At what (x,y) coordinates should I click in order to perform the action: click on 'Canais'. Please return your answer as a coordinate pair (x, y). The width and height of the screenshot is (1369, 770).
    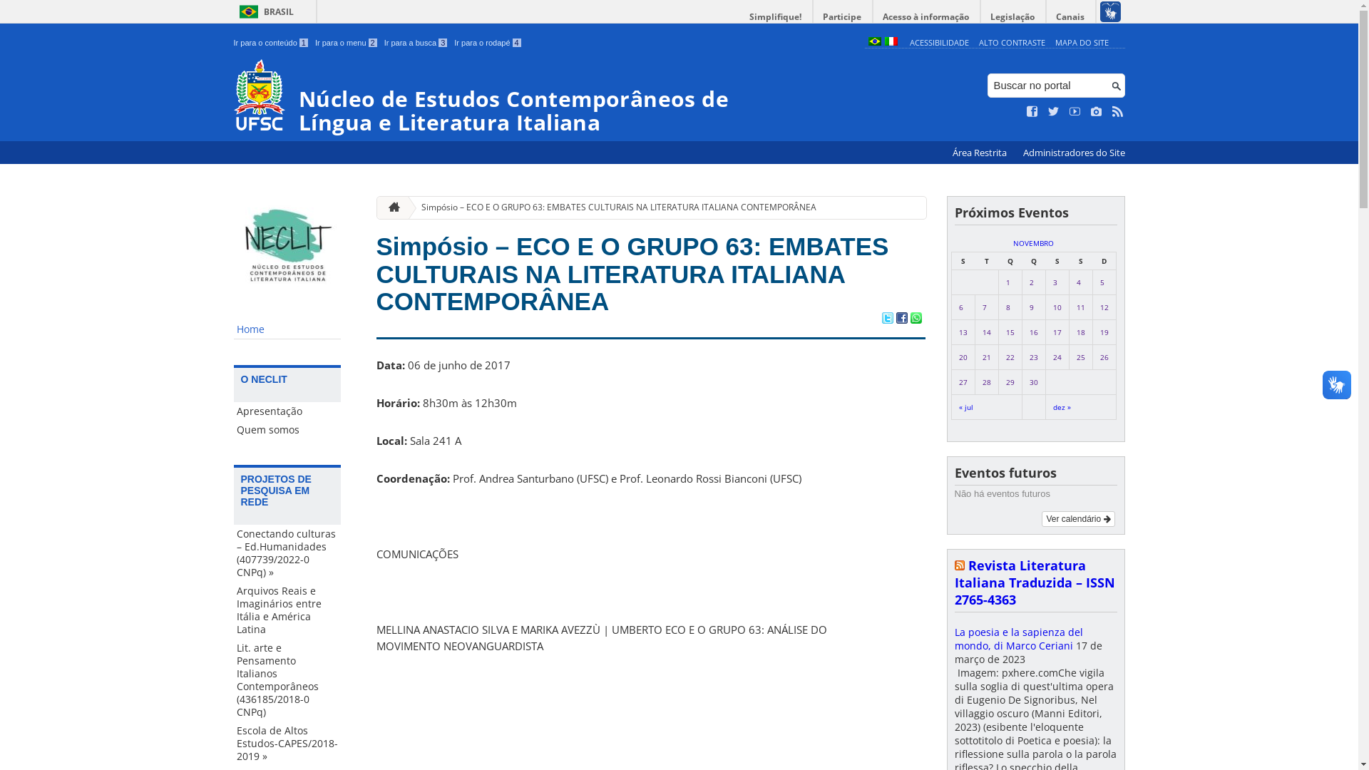
    Looking at the image, I should click on (1071, 16).